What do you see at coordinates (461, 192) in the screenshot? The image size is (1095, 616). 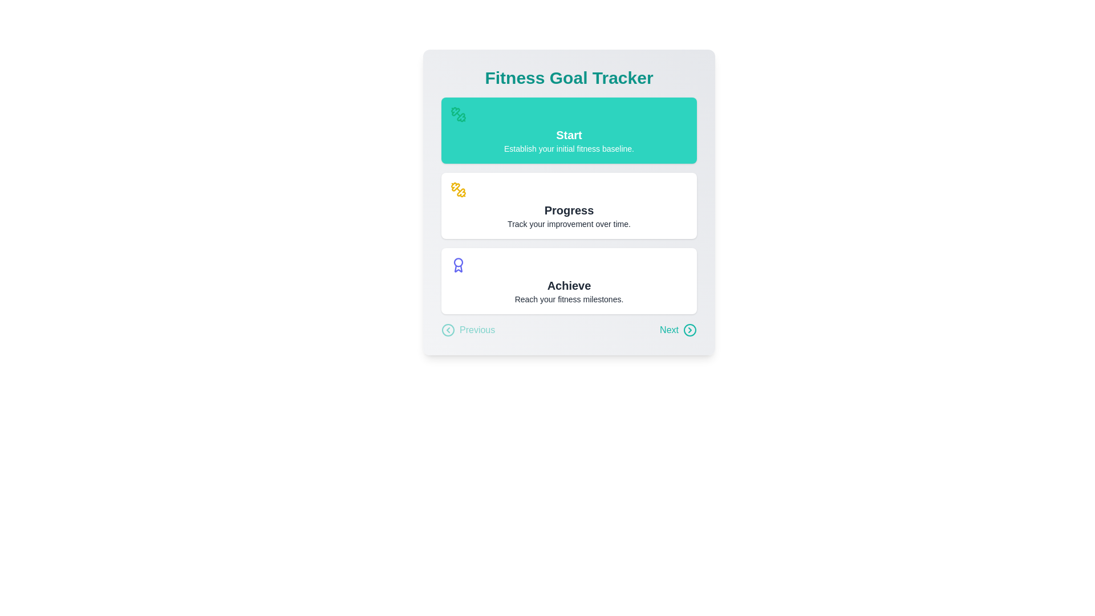 I see `the yellow icon element located at the top-left corner of the 'Progress' card, enhancing user understanding of the progress section` at bounding box center [461, 192].